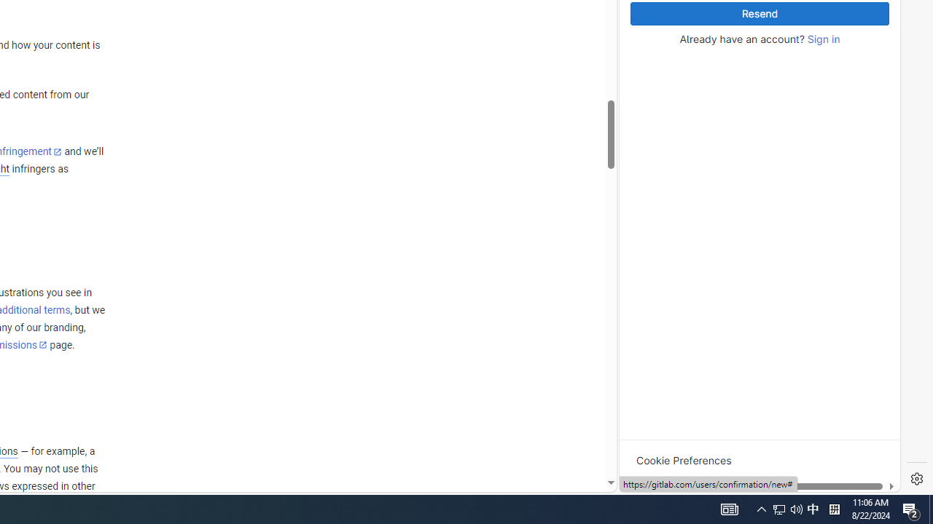 The width and height of the screenshot is (933, 524). What do you see at coordinates (916, 479) in the screenshot?
I see `'Settings'` at bounding box center [916, 479].